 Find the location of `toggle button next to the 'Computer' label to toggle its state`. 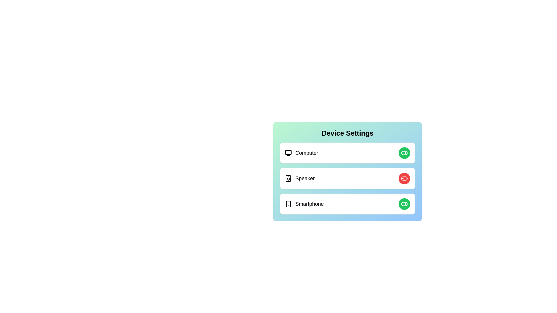

toggle button next to the 'Computer' label to toggle its state is located at coordinates (404, 153).